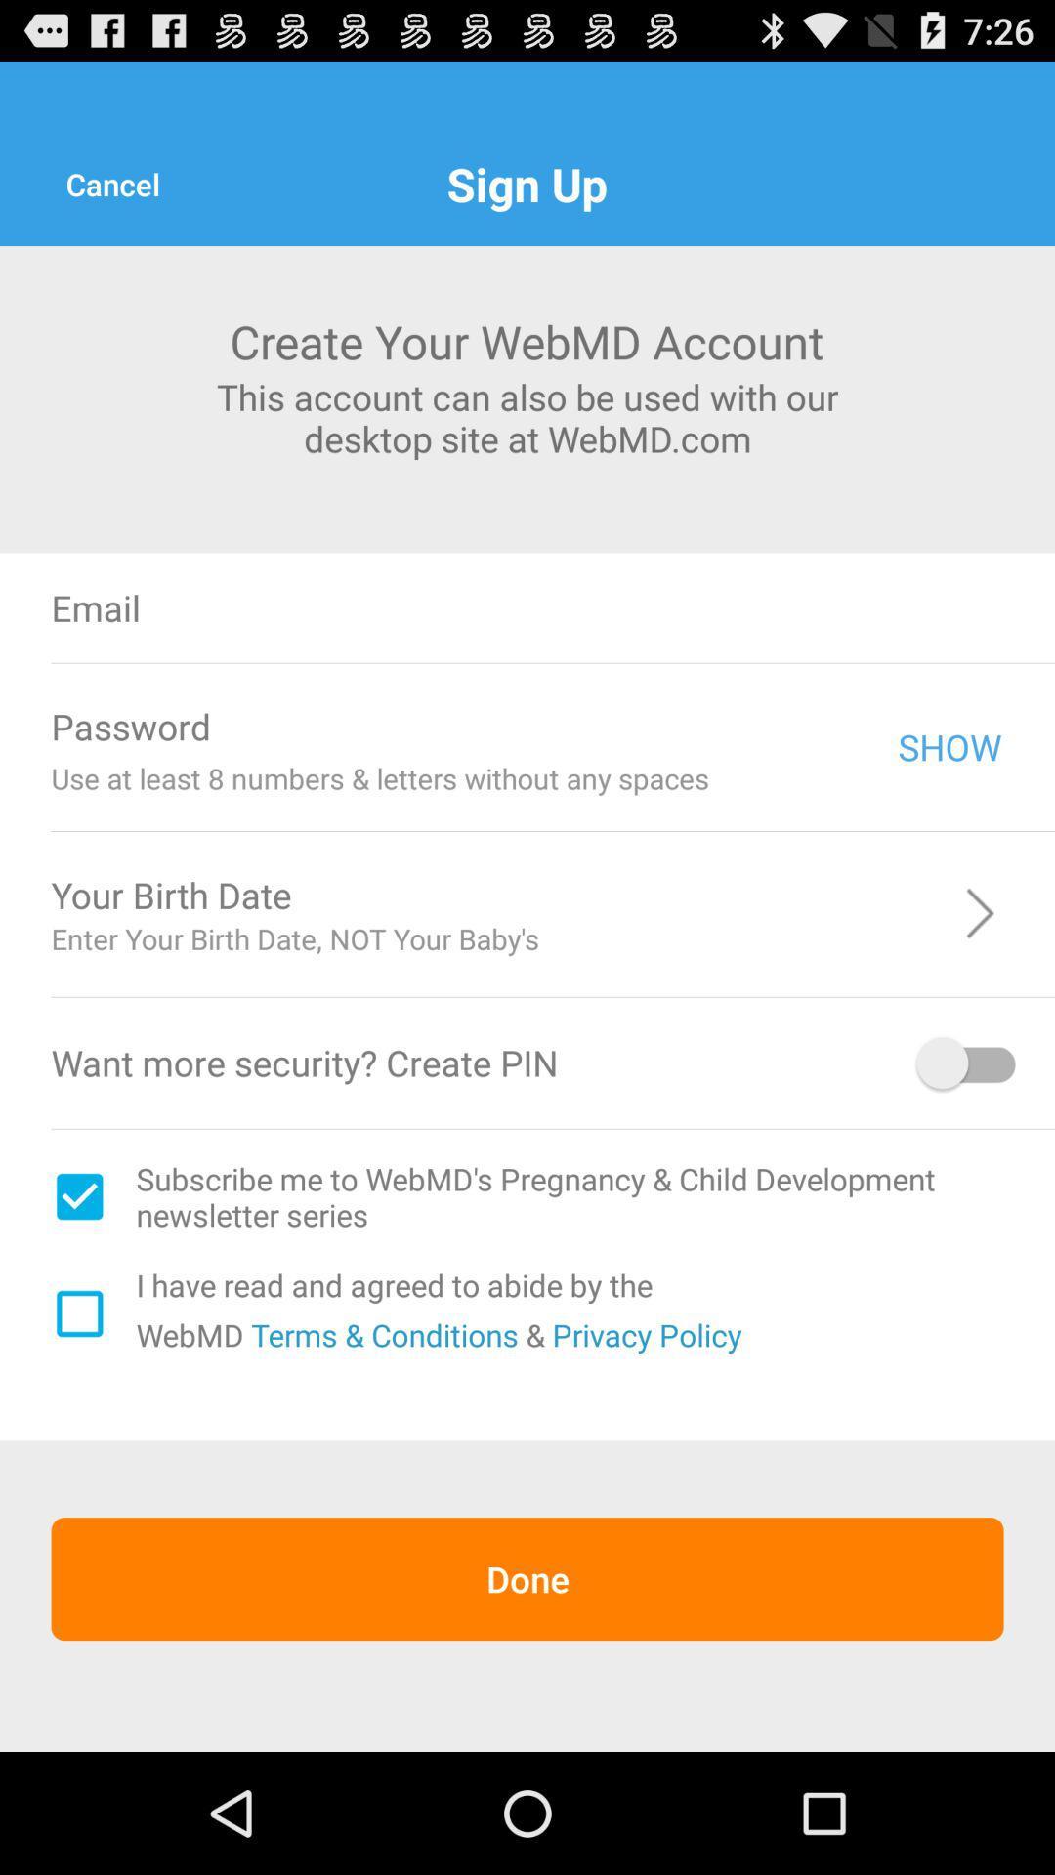  I want to click on the item next to the  &  item, so click(647, 1333).